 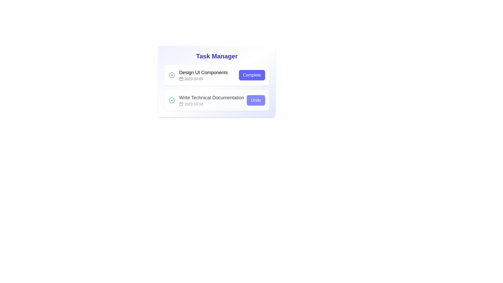 I want to click on the button to toggle the completion status of the task with ID 2, so click(x=256, y=100).